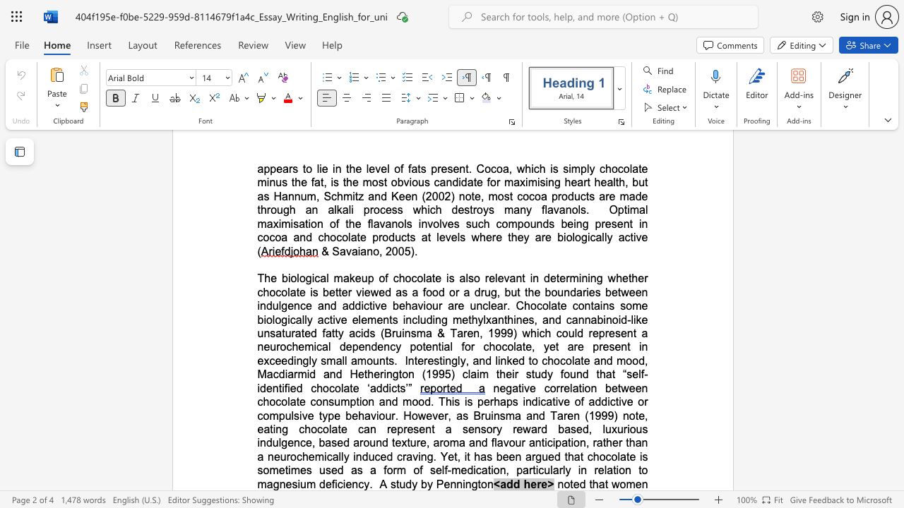 The height and width of the screenshot is (508, 904). What do you see at coordinates (506, 483) in the screenshot?
I see `the subset text "dd here>" within the text "<add here>"` at bounding box center [506, 483].